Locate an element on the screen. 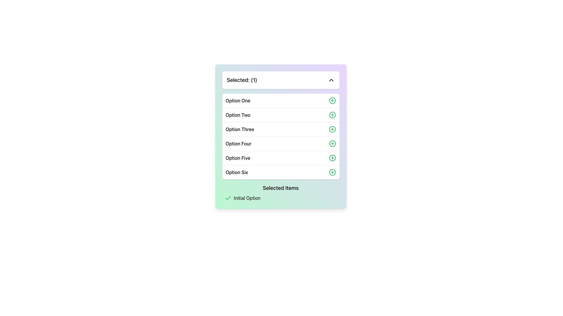 Image resolution: width=563 pixels, height=316 pixels. the add action button for 'Option Three', located in the third row is located at coordinates (332, 129).